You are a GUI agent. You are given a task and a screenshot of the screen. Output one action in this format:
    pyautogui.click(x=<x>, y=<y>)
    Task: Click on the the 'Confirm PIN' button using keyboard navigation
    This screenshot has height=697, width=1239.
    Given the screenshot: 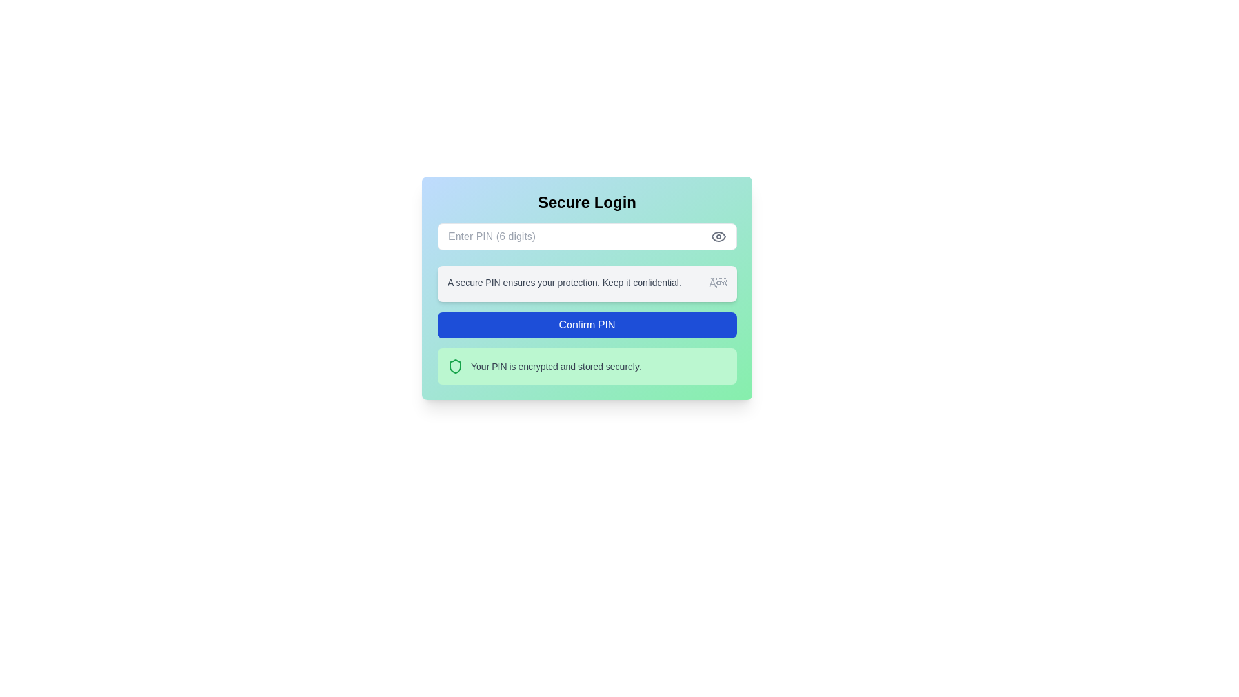 What is the action you would take?
    pyautogui.click(x=587, y=325)
    